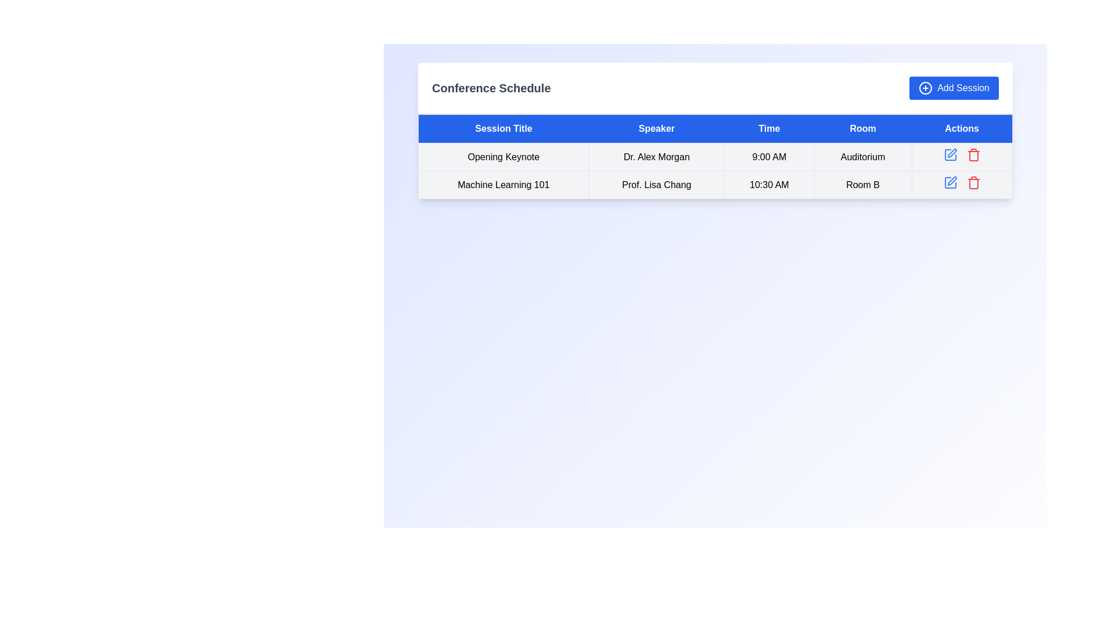 The width and height of the screenshot is (1115, 627). What do you see at coordinates (769, 129) in the screenshot?
I see `the Table Header Cell labeled 'Time', which has a blue background and is located between the 'Speaker' and 'Room' headers in the table` at bounding box center [769, 129].